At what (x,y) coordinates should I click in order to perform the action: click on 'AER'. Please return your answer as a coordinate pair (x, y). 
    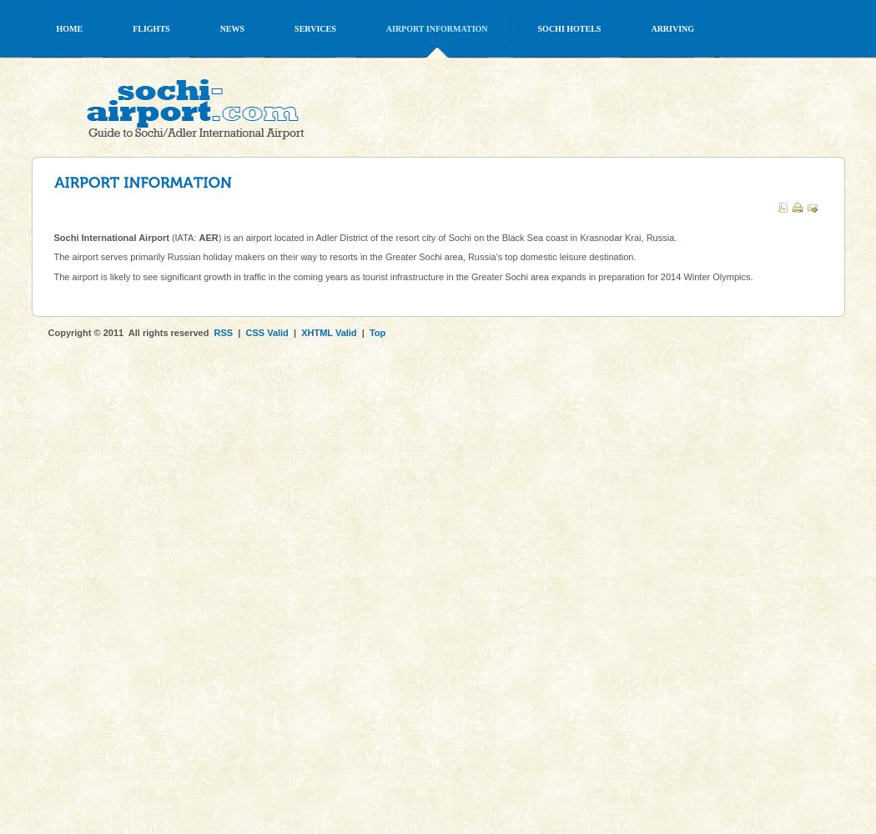
    Looking at the image, I should click on (208, 237).